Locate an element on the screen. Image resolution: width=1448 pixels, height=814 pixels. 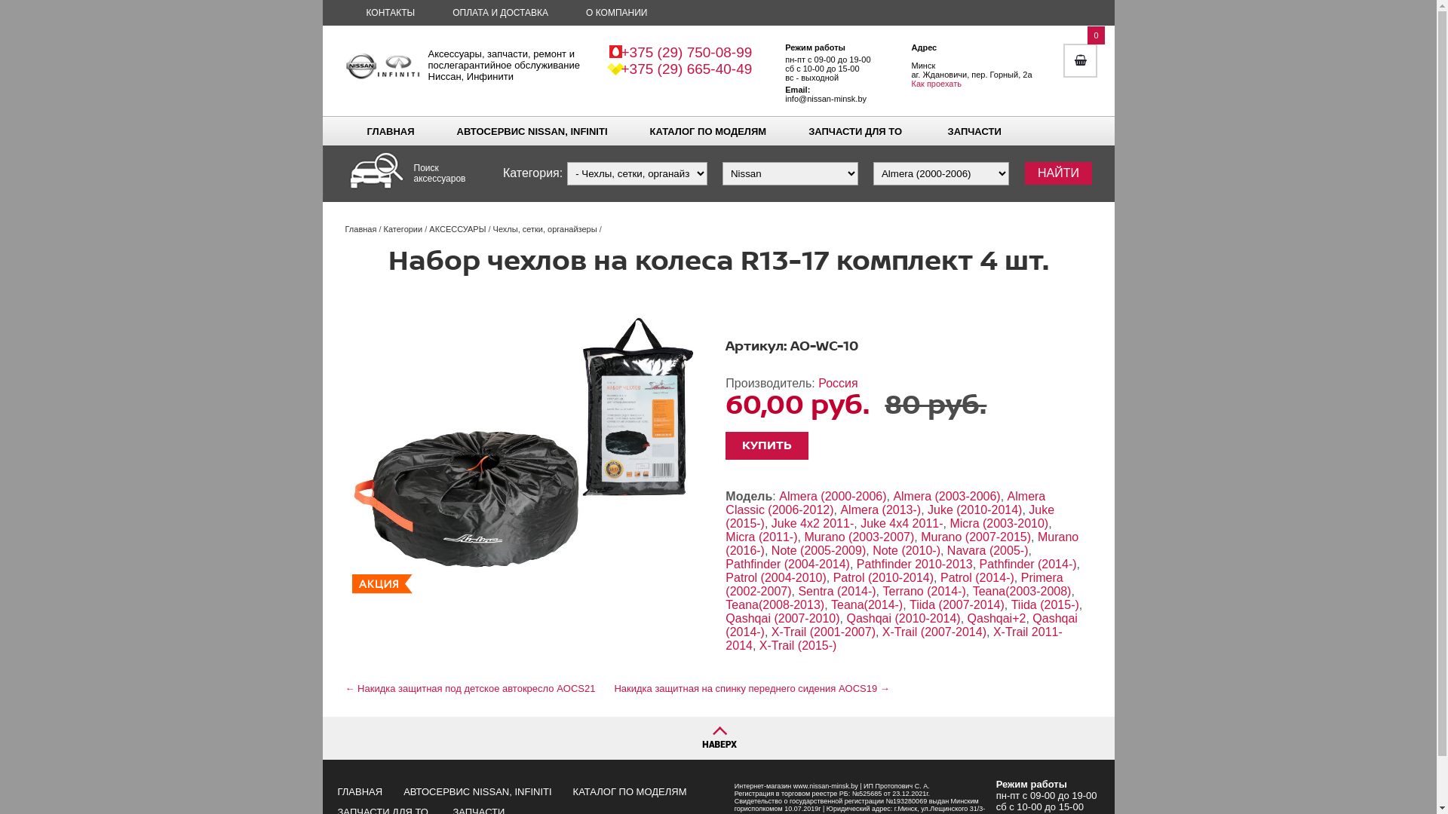
'Navara (2005-)' is located at coordinates (988, 550).